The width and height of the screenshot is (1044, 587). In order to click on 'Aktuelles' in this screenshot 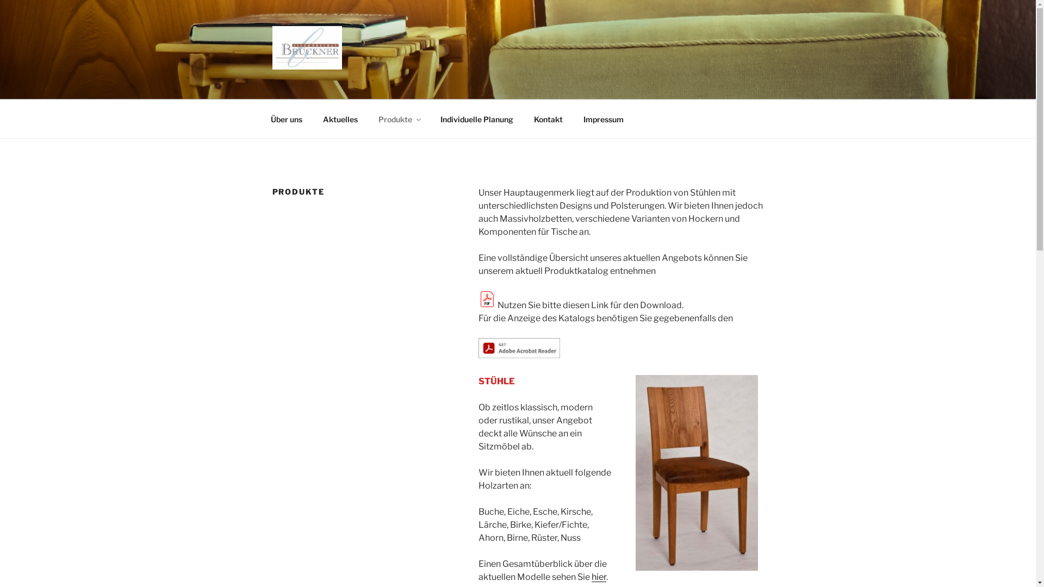, I will do `click(339, 118)`.